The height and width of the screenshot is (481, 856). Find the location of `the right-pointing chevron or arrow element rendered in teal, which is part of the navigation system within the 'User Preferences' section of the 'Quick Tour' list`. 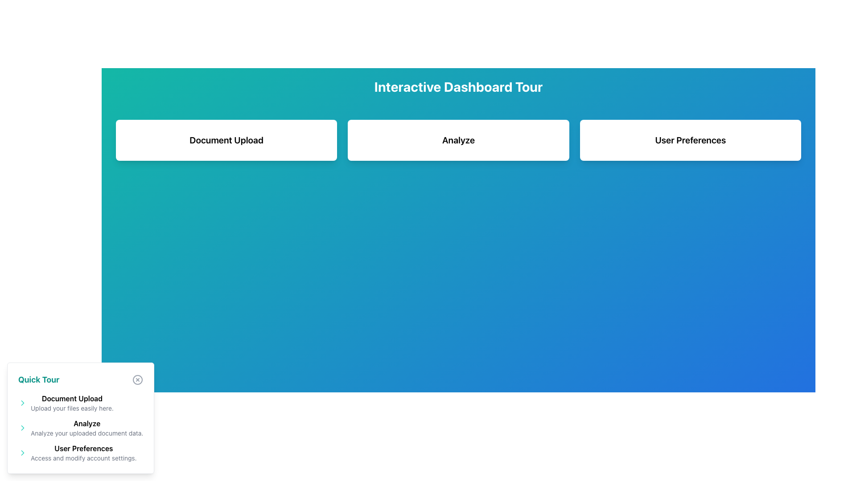

the right-pointing chevron or arrow element rendered in teal, which is part of the navigation system within the 'User Preferences' section of the 'Quick Tour' list is located at coordinates (23, 453).